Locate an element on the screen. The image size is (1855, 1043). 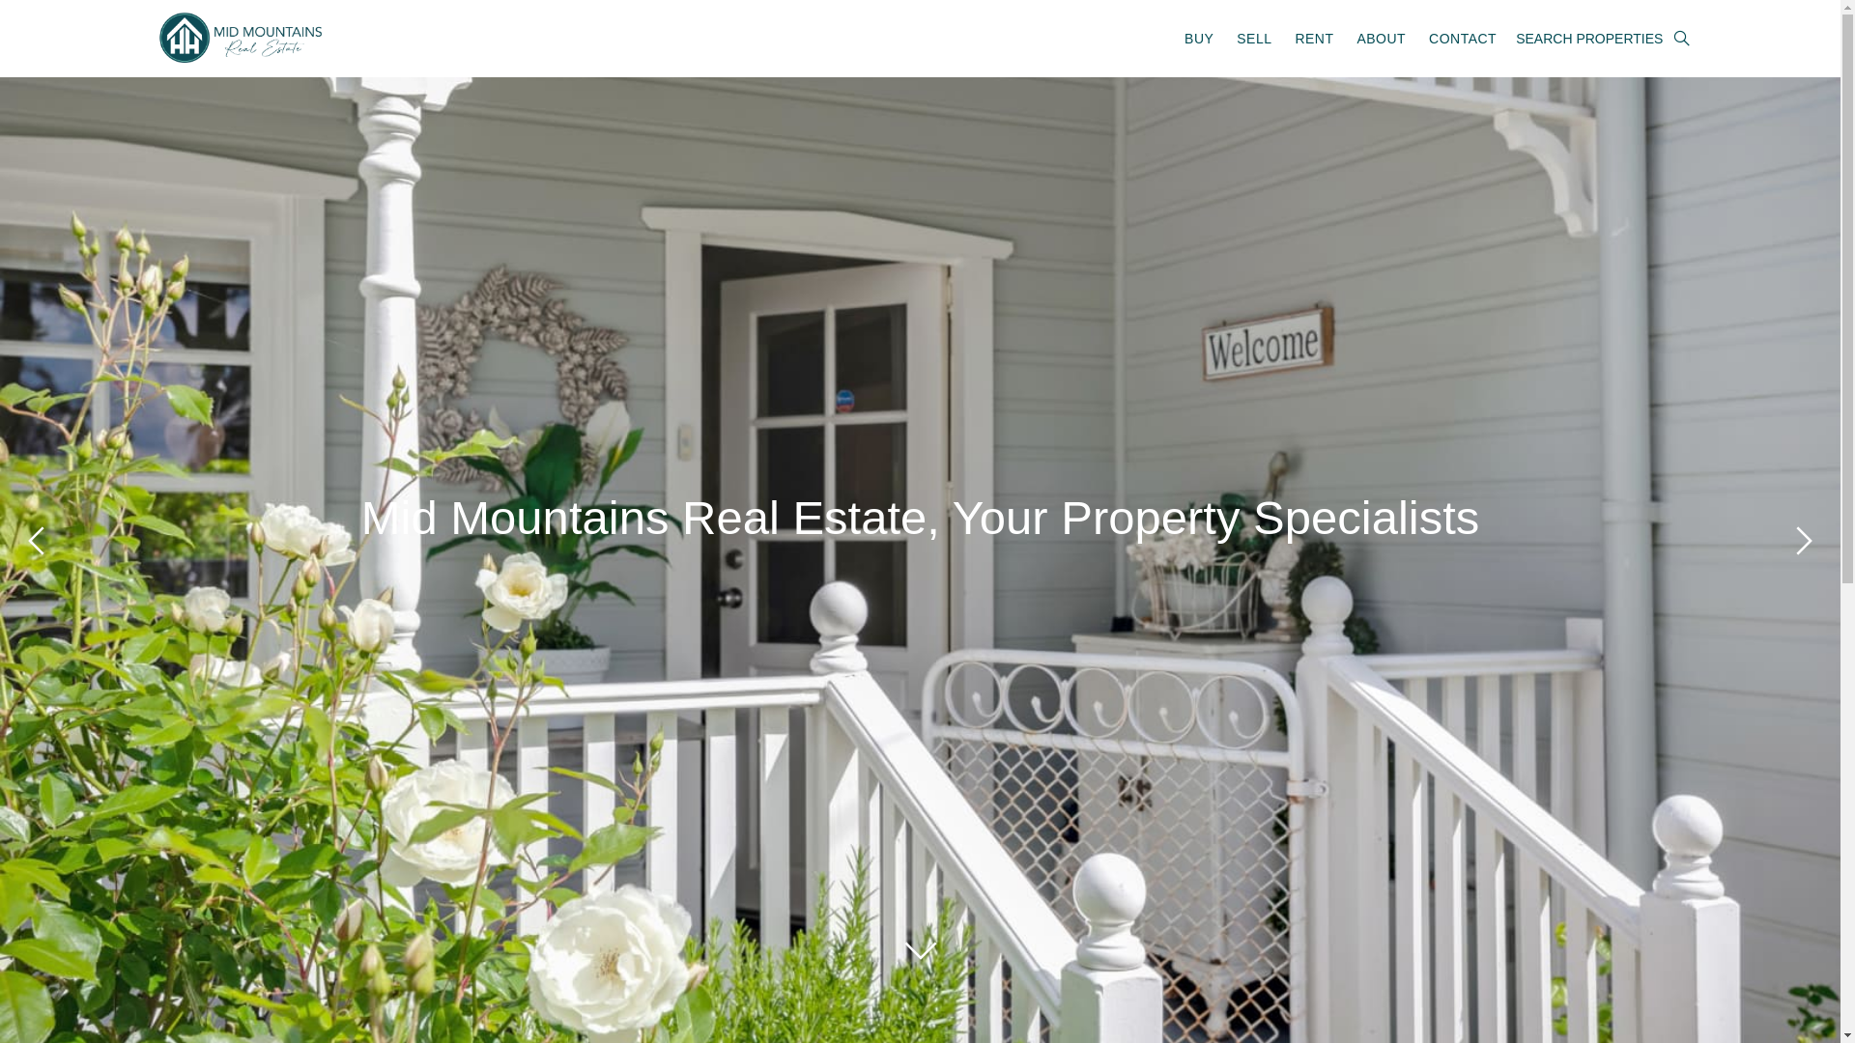
'BUY' is located at coordinates (1198, 38).